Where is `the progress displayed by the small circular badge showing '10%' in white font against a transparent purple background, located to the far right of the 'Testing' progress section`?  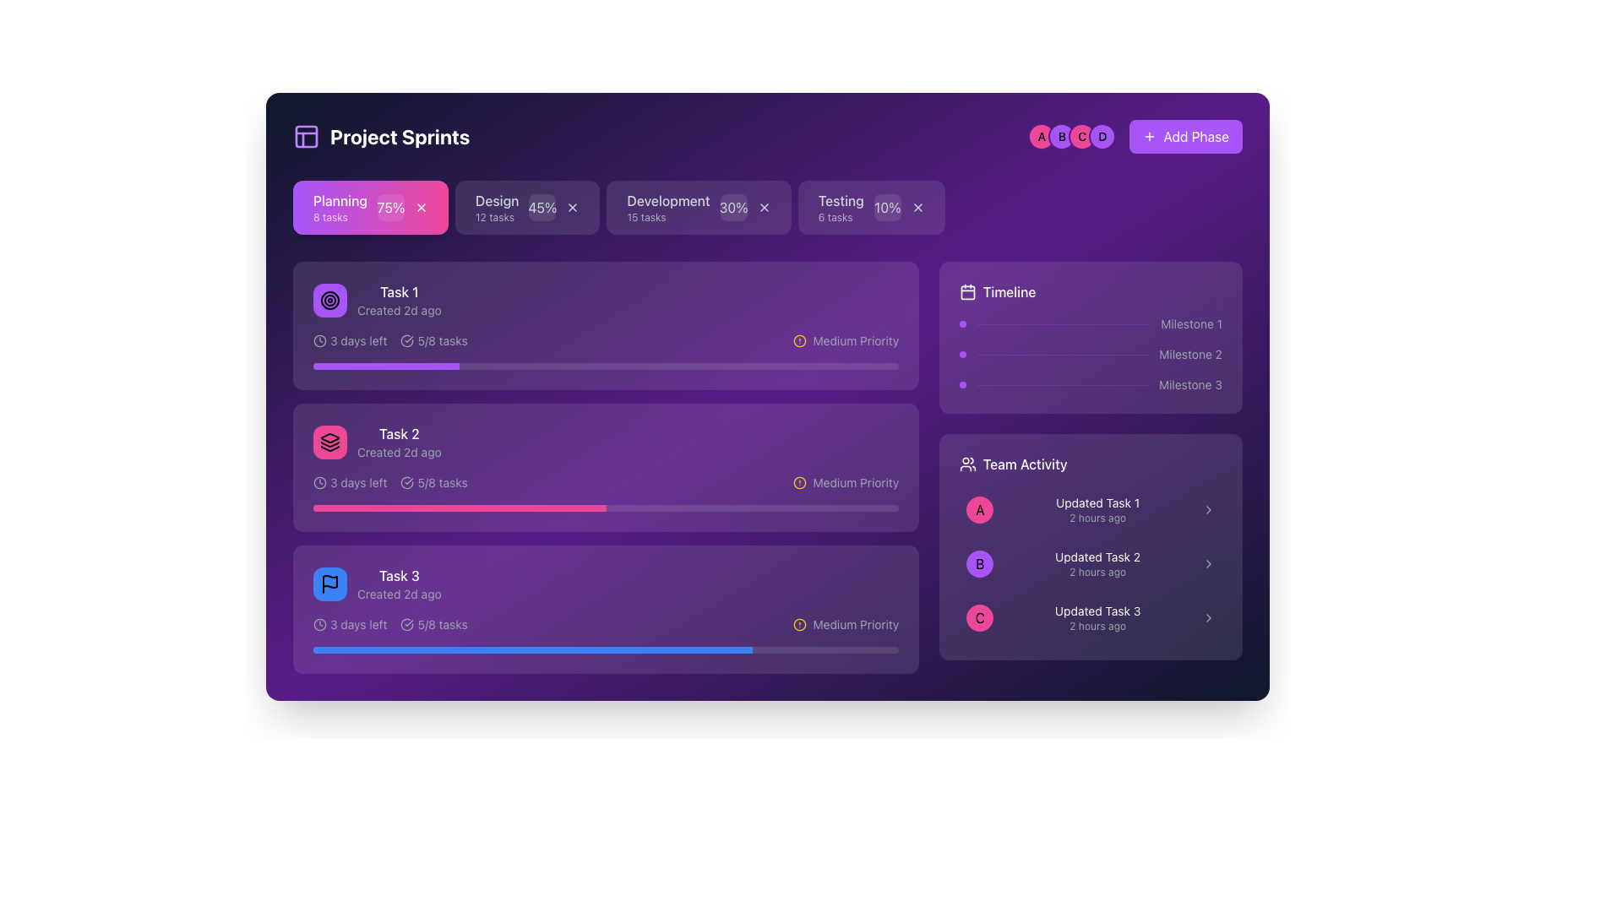
the progress displayed by the small circular badge showing '10%' in white font against a transparent purple background, located to the far right of the 'Testing' progress section is located at coordinates (886, 207).